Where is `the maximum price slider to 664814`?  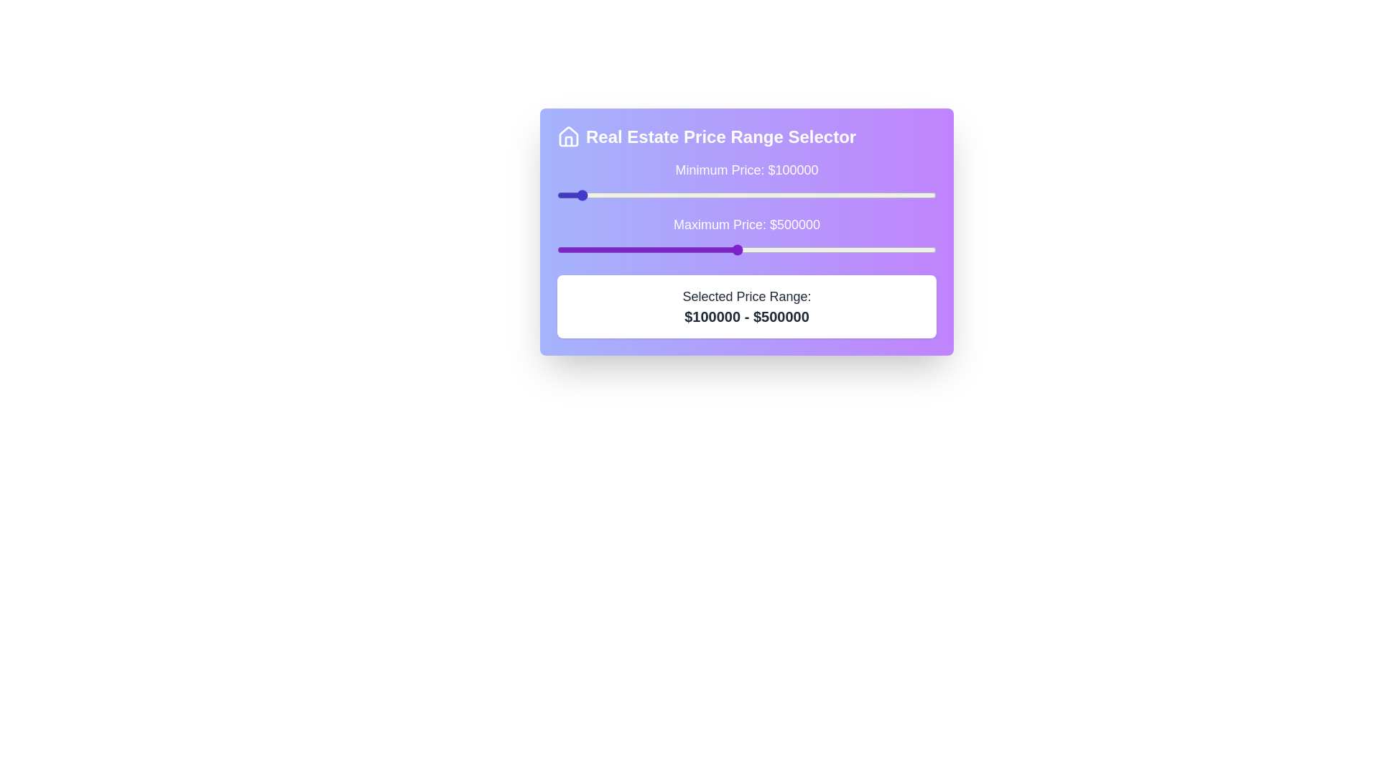
the maximum price slider to 664814 is located at coordinates (802, 249).